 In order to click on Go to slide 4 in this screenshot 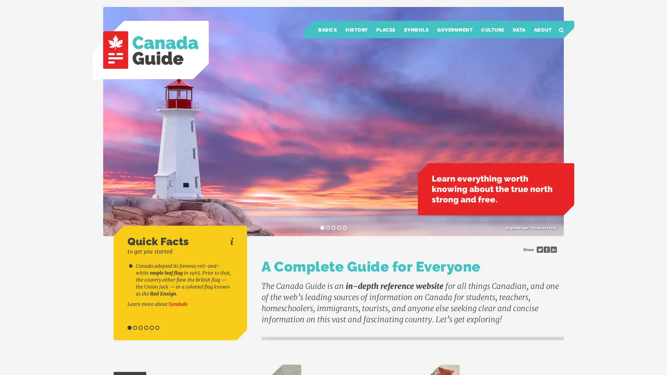, I will do `click(146, 328)`.